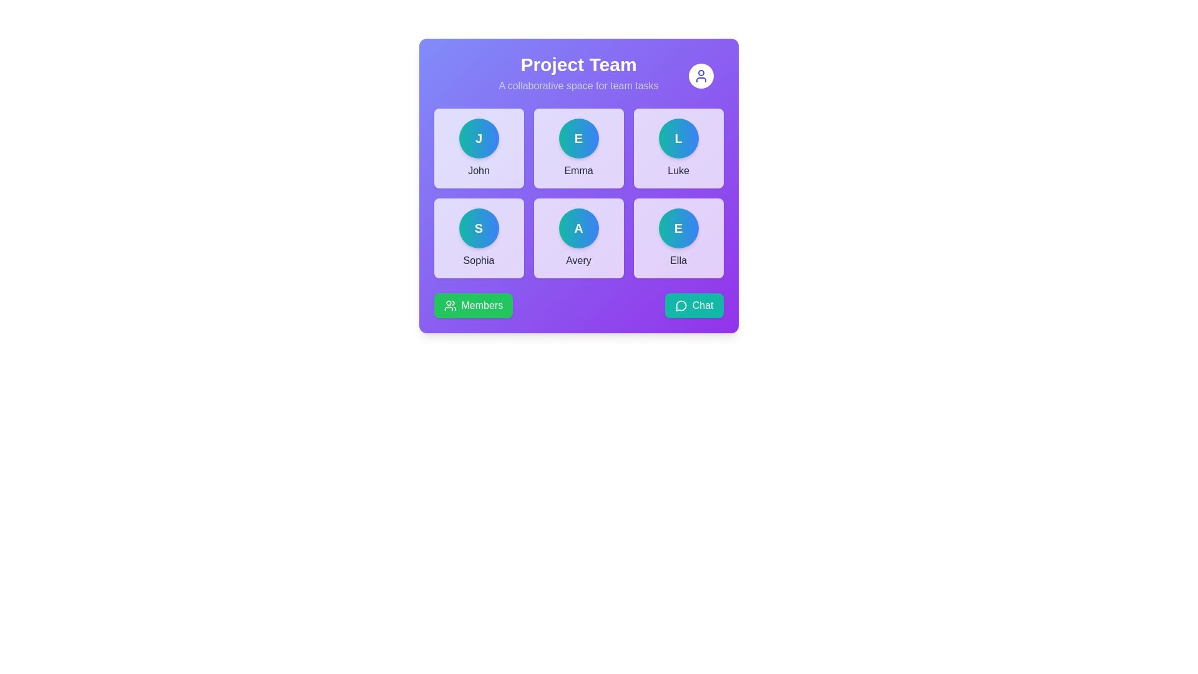 Image resolution: width=1198 pixels, height=674 pixels. What do you see at coordinates (478, 228) in the screenshot?
I see `the circular avatar button with a gradient background and the letter 'S' inside, located in the first column of the second row on the card labeled 'Sophia'` at bounding box center [478, 228].